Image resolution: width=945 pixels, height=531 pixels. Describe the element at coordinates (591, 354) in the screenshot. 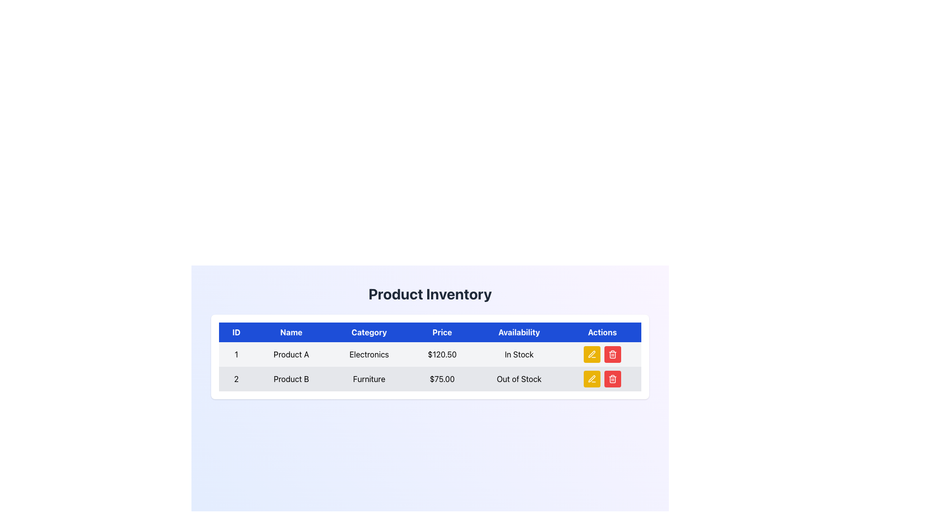

I see `the edit button in the 'Actions' column of the first row of the 'Product Inventory' table` at that location.